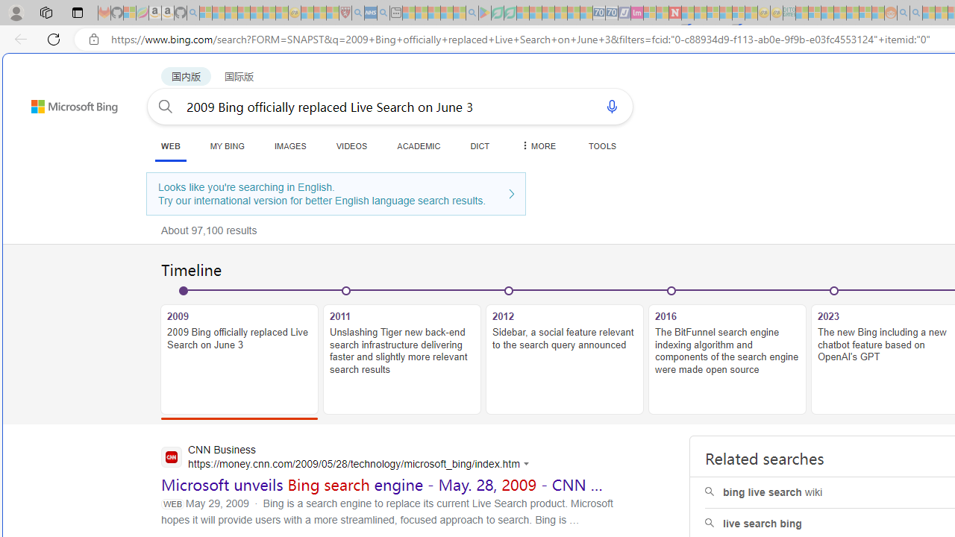  Describe the element at coordinates (699, 13) in the screenshot. I see `'14 Common Myths Debunked By Scientific Facts - Sleeping'` at that location.